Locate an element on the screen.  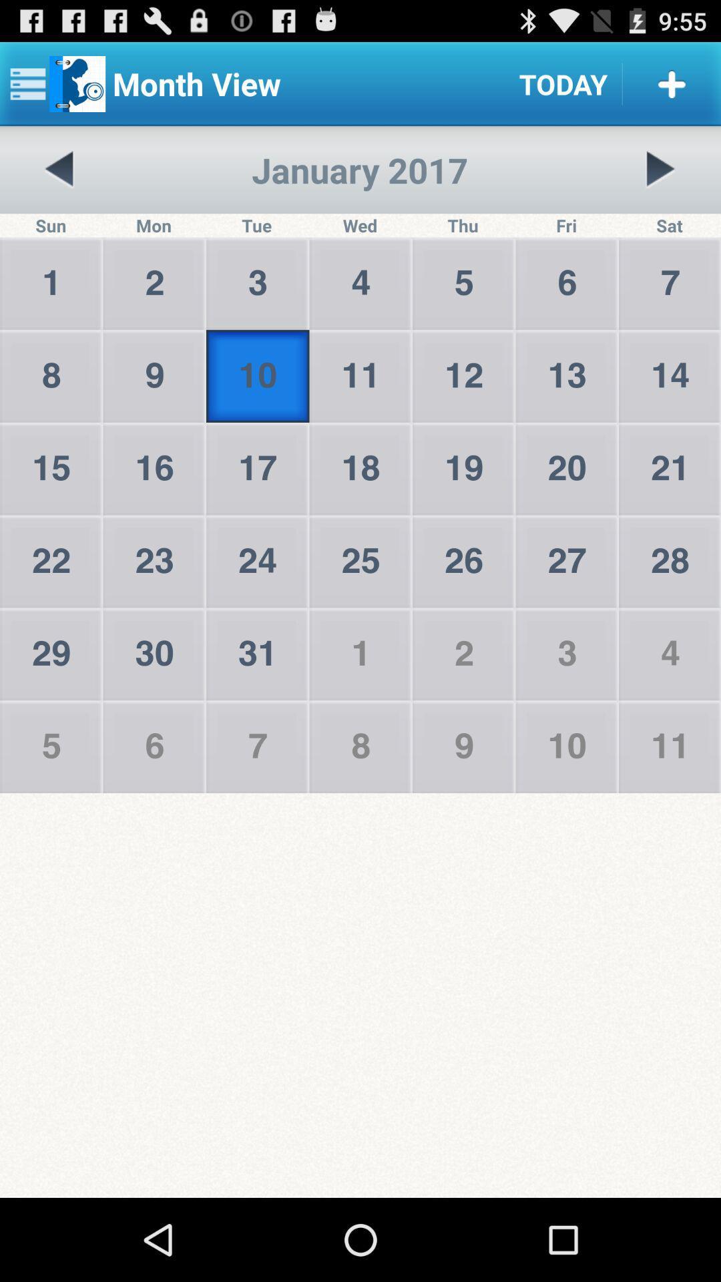
the icon next to the thu is located at coordinates (660, 169).